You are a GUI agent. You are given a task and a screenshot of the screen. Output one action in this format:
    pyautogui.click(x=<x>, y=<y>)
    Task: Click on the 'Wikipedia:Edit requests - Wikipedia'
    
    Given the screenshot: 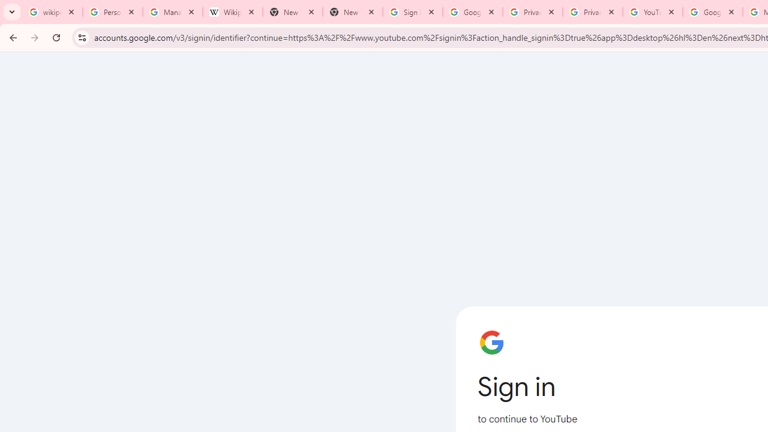 What is the action you would take?
    pyautogui.click(x=232, y=12)
    